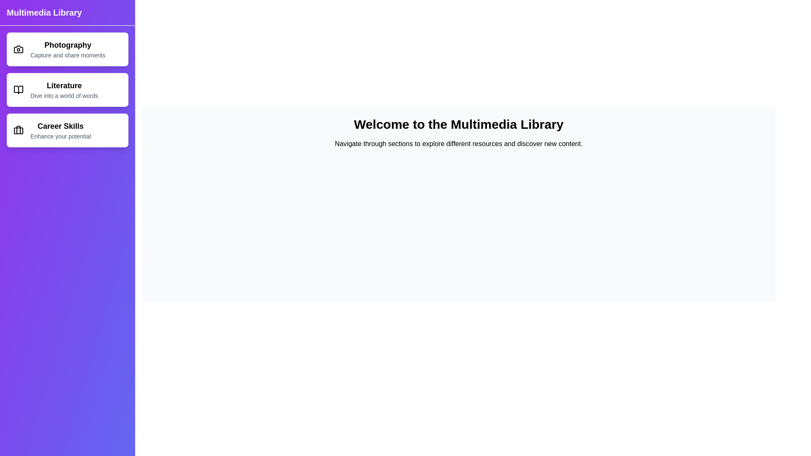  What do you see at coordinates (67, 130) in the screenshot?
I see `the Career Skills section to view its details` at bounding box center [67, 130].